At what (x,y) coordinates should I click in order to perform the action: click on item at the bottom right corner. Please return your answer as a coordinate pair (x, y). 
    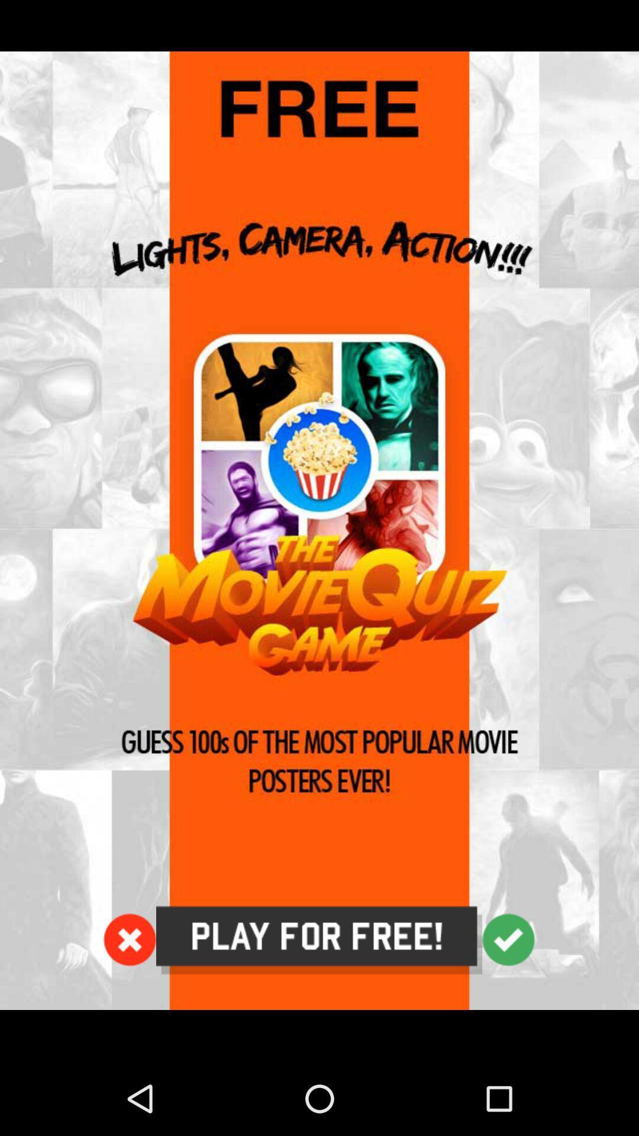
    Looking at the image, I should click on (508, 939).